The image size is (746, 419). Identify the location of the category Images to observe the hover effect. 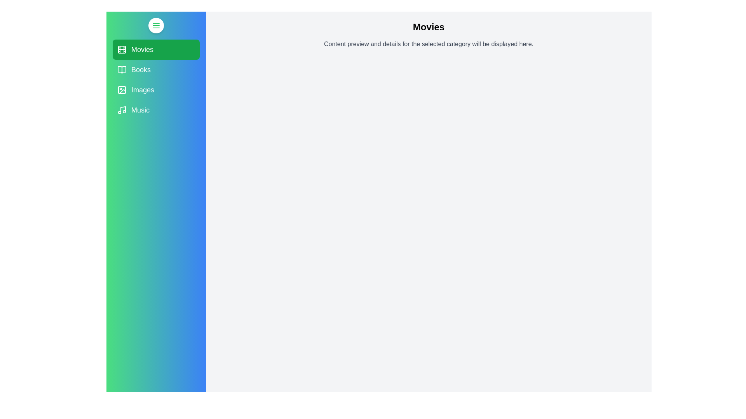
(156, 89).